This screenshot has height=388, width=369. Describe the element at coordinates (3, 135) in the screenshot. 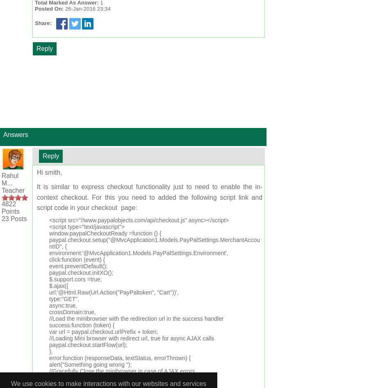

I see `'Answers'` at that location.